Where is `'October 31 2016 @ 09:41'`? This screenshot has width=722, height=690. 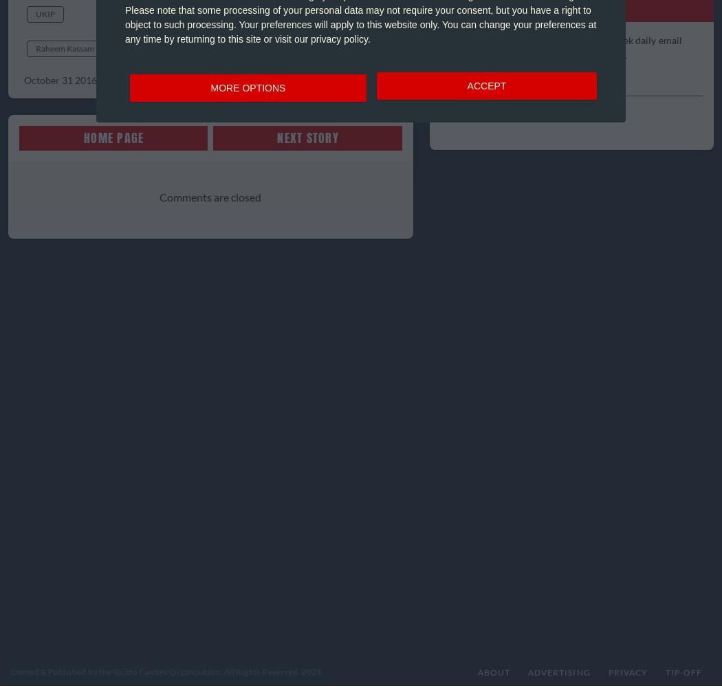 'October 31 2016 @ 09:41' is located at coordinates (23, 79).